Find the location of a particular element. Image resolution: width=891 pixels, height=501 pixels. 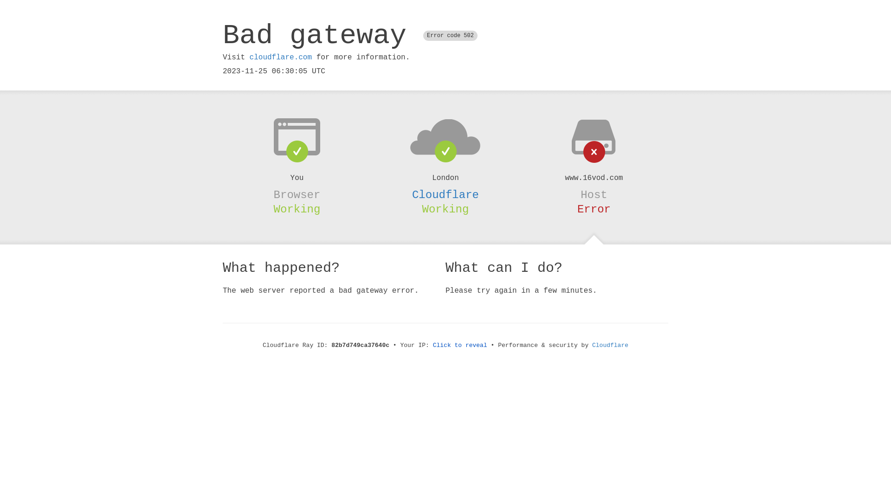

'Click to reveal' is located at coordinates (460, 345).